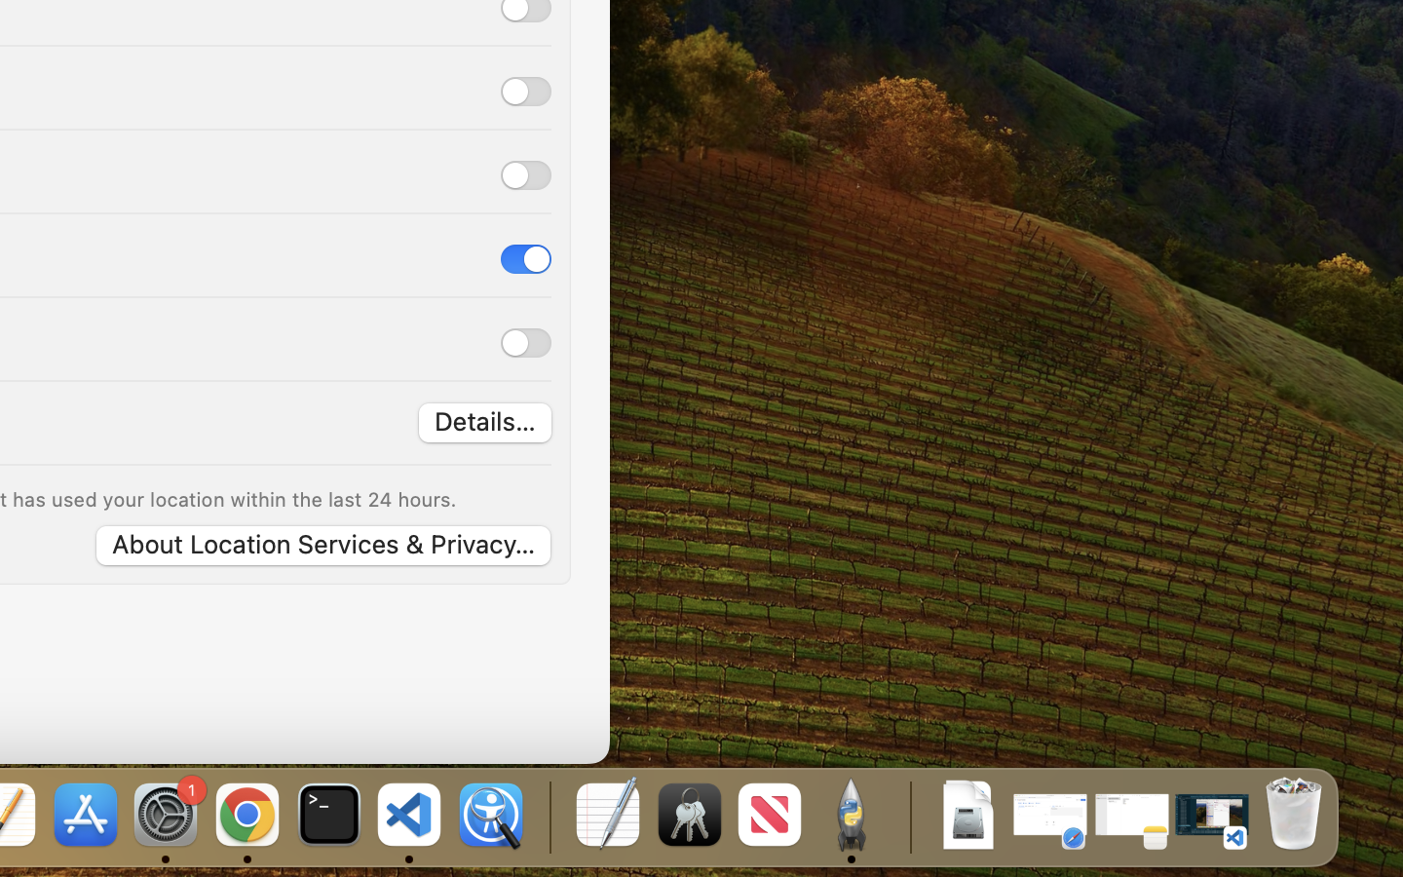  What do you see at coordinates (548, 816) in the screenshot?
I see `'0.4285714328289032'` at bounding box center [548, 816].